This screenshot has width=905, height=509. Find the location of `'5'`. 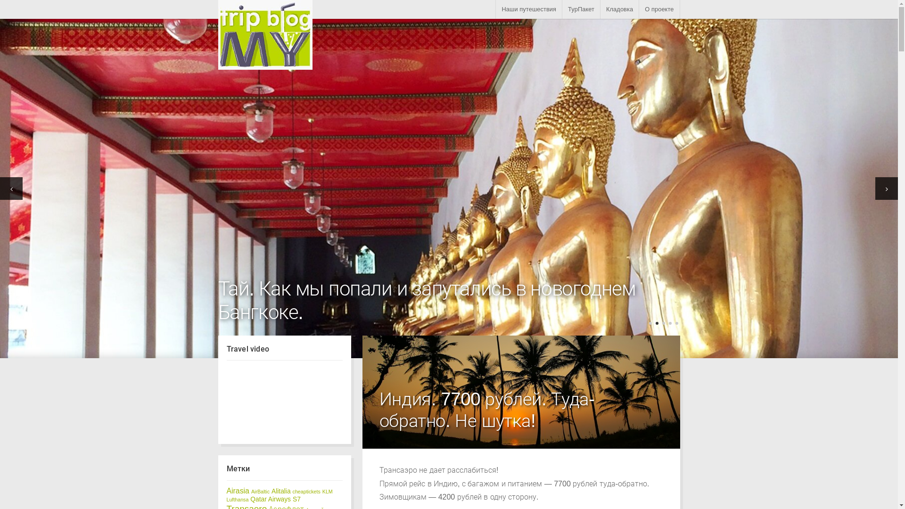

'5' is located at coordinates (676, 323).